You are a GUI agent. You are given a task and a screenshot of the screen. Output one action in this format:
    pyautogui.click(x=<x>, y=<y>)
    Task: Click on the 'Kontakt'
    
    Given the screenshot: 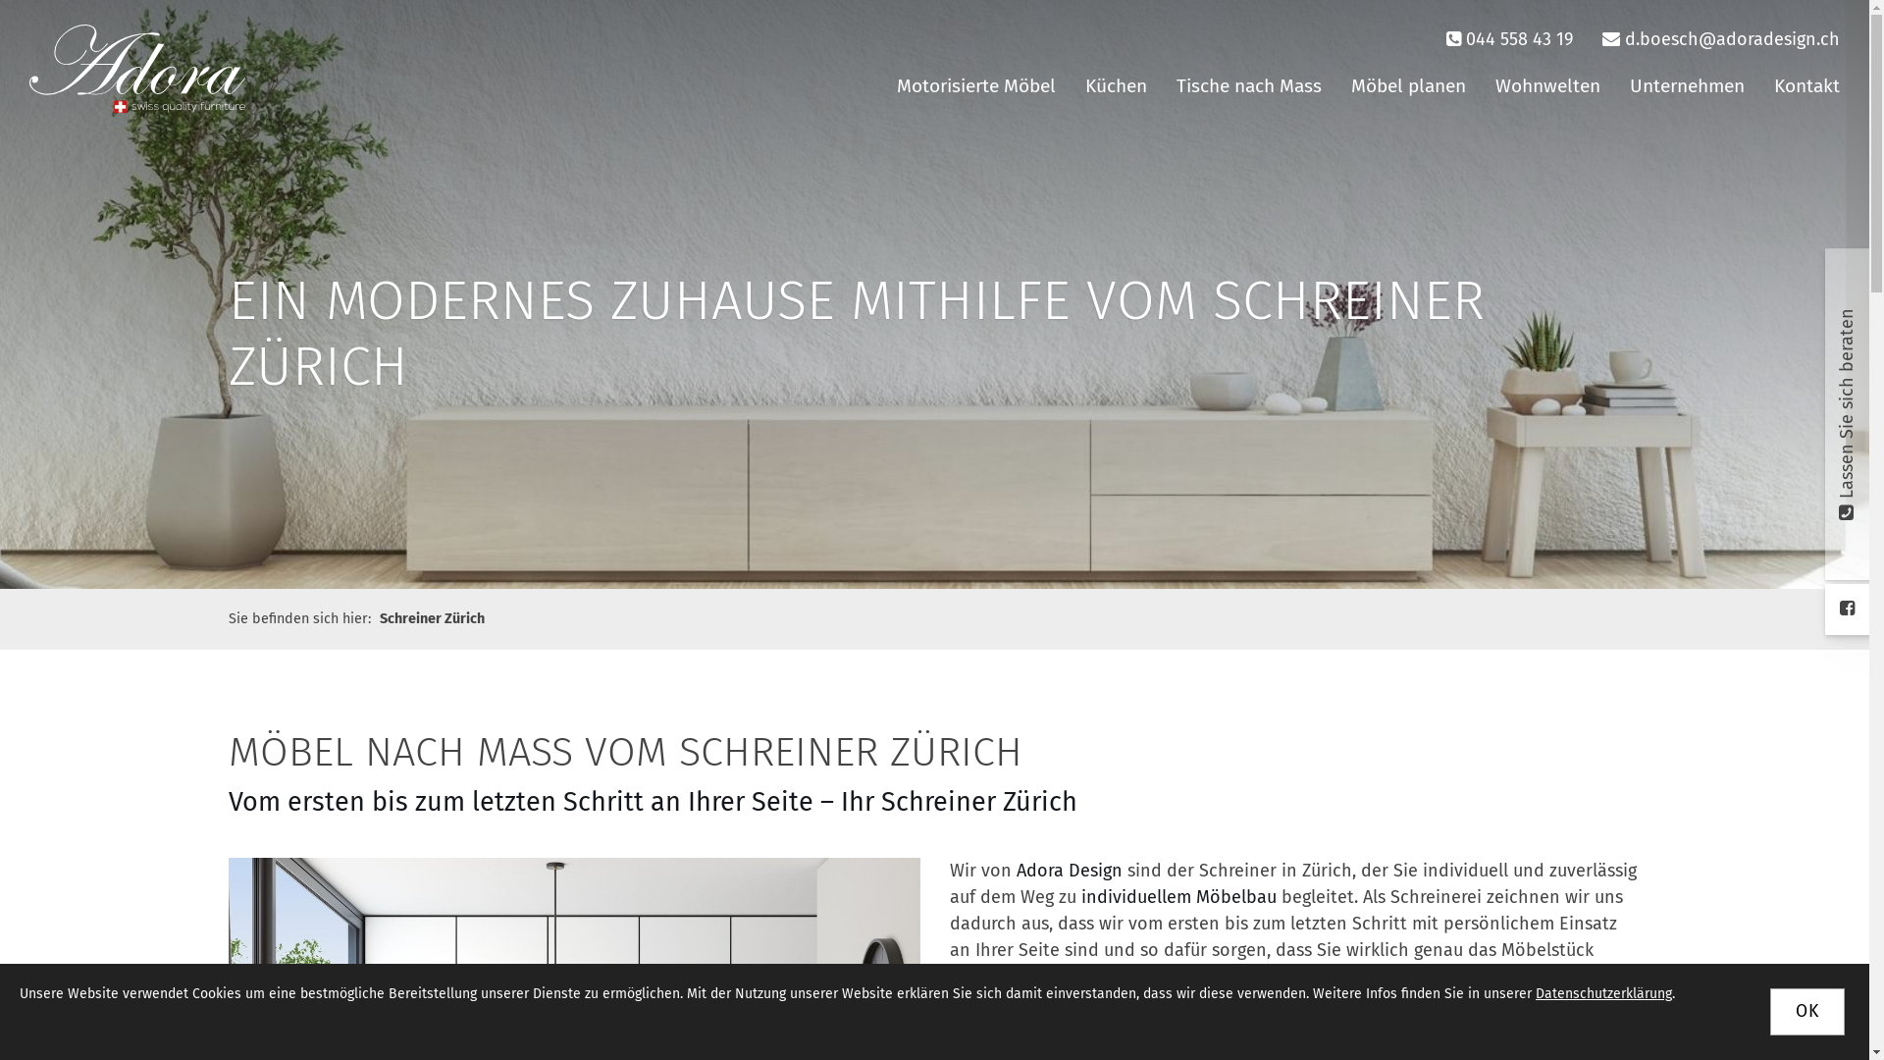 What is the action you would take?
    pyautogui.click(x=1805, y=85)
    